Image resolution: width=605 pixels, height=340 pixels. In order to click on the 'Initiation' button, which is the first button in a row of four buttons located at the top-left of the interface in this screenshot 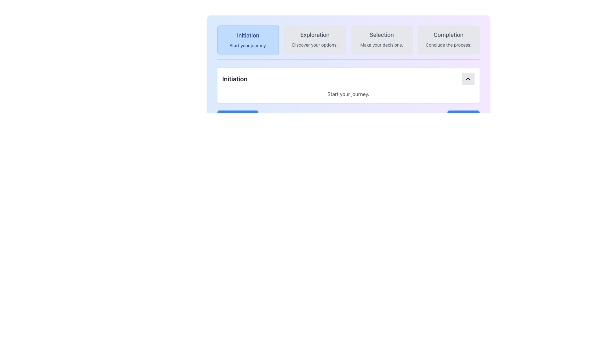, I will do `click(248, 40)`.